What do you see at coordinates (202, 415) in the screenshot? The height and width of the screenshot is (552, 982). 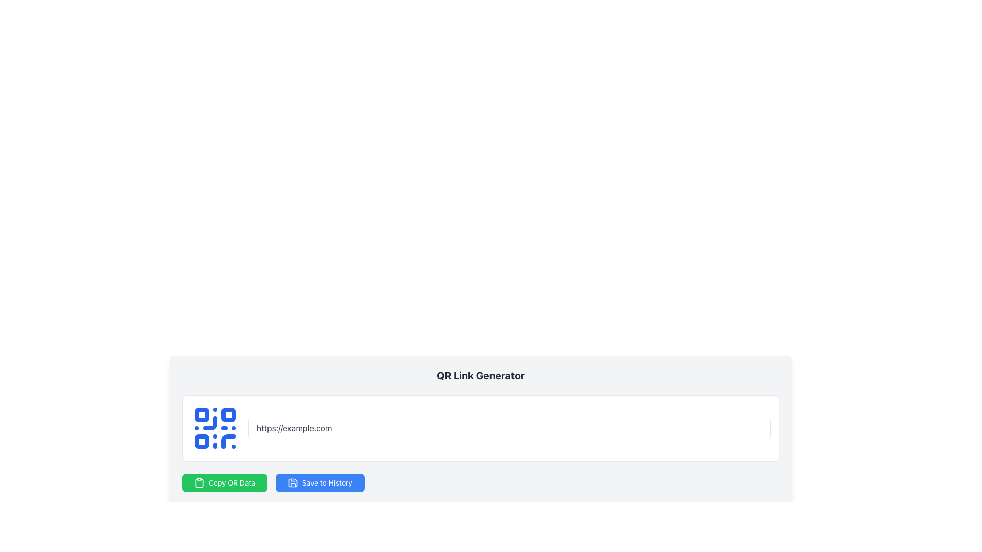 I see `the top-left decorative block of the QR code, which is a component of its design and helps form the scannable pattern` at bounding box center [202, 415].